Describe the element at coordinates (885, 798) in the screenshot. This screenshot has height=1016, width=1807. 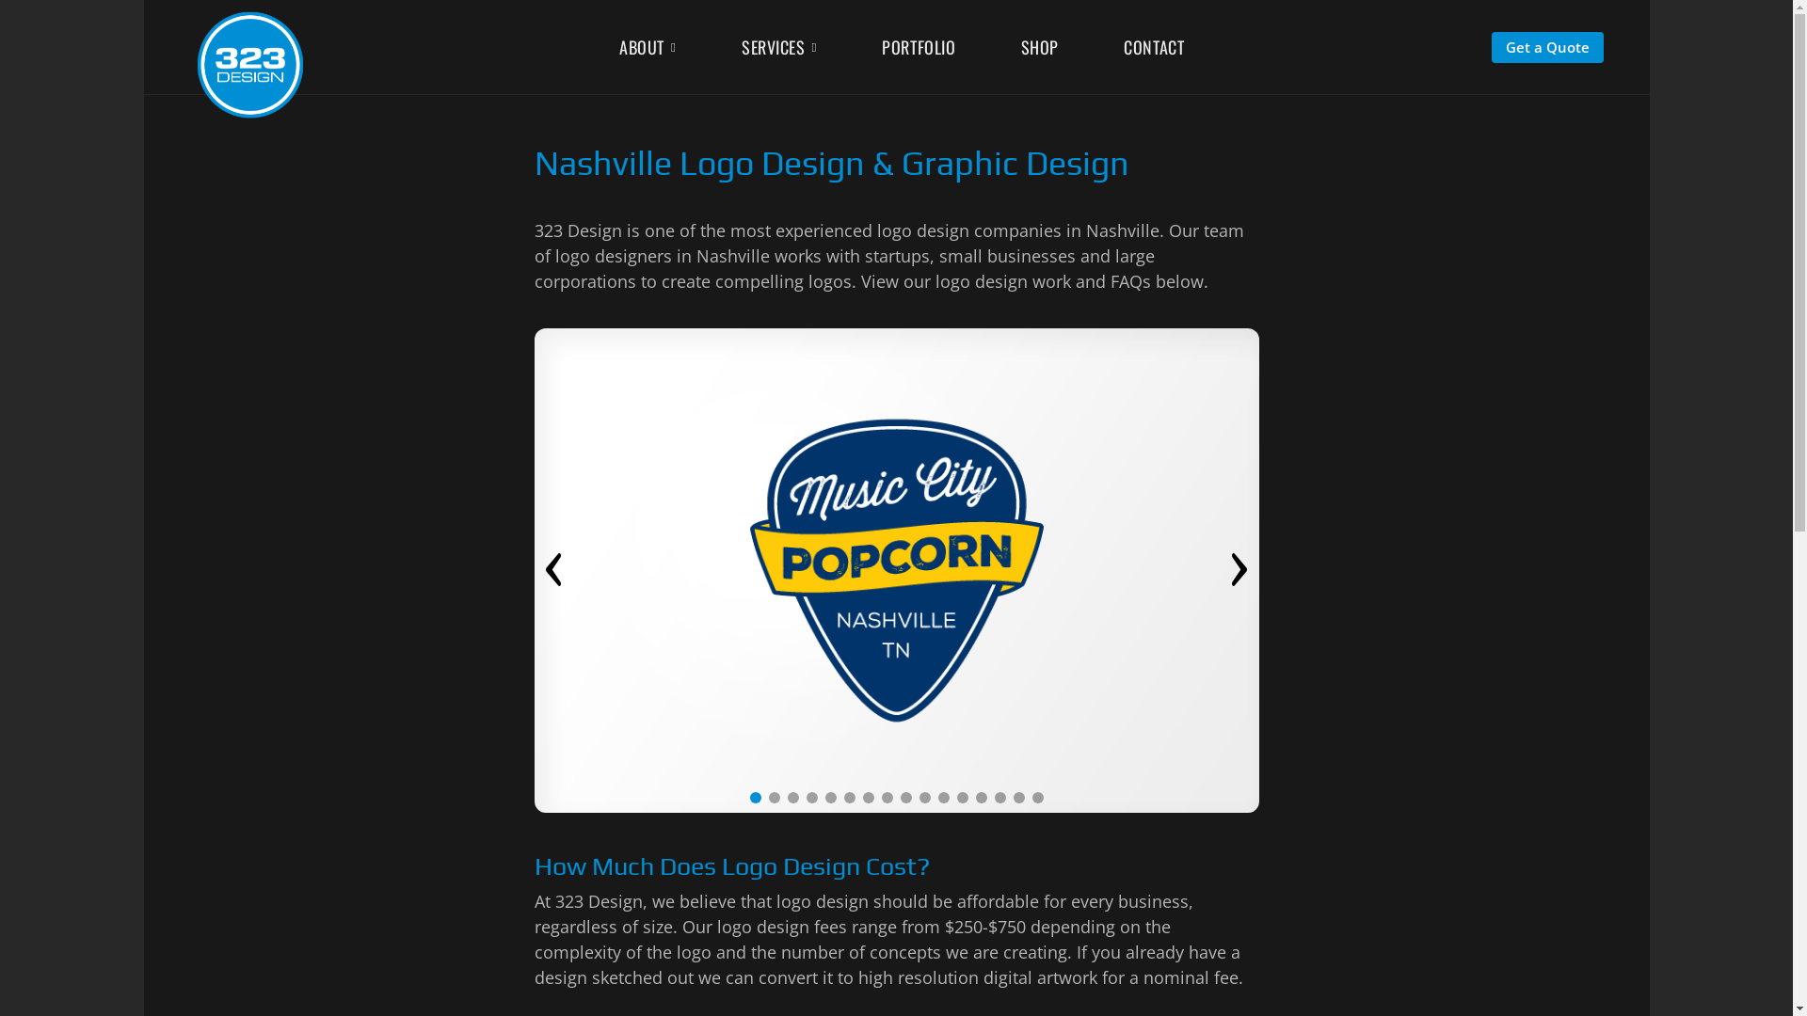
I see `'8'` at that location.